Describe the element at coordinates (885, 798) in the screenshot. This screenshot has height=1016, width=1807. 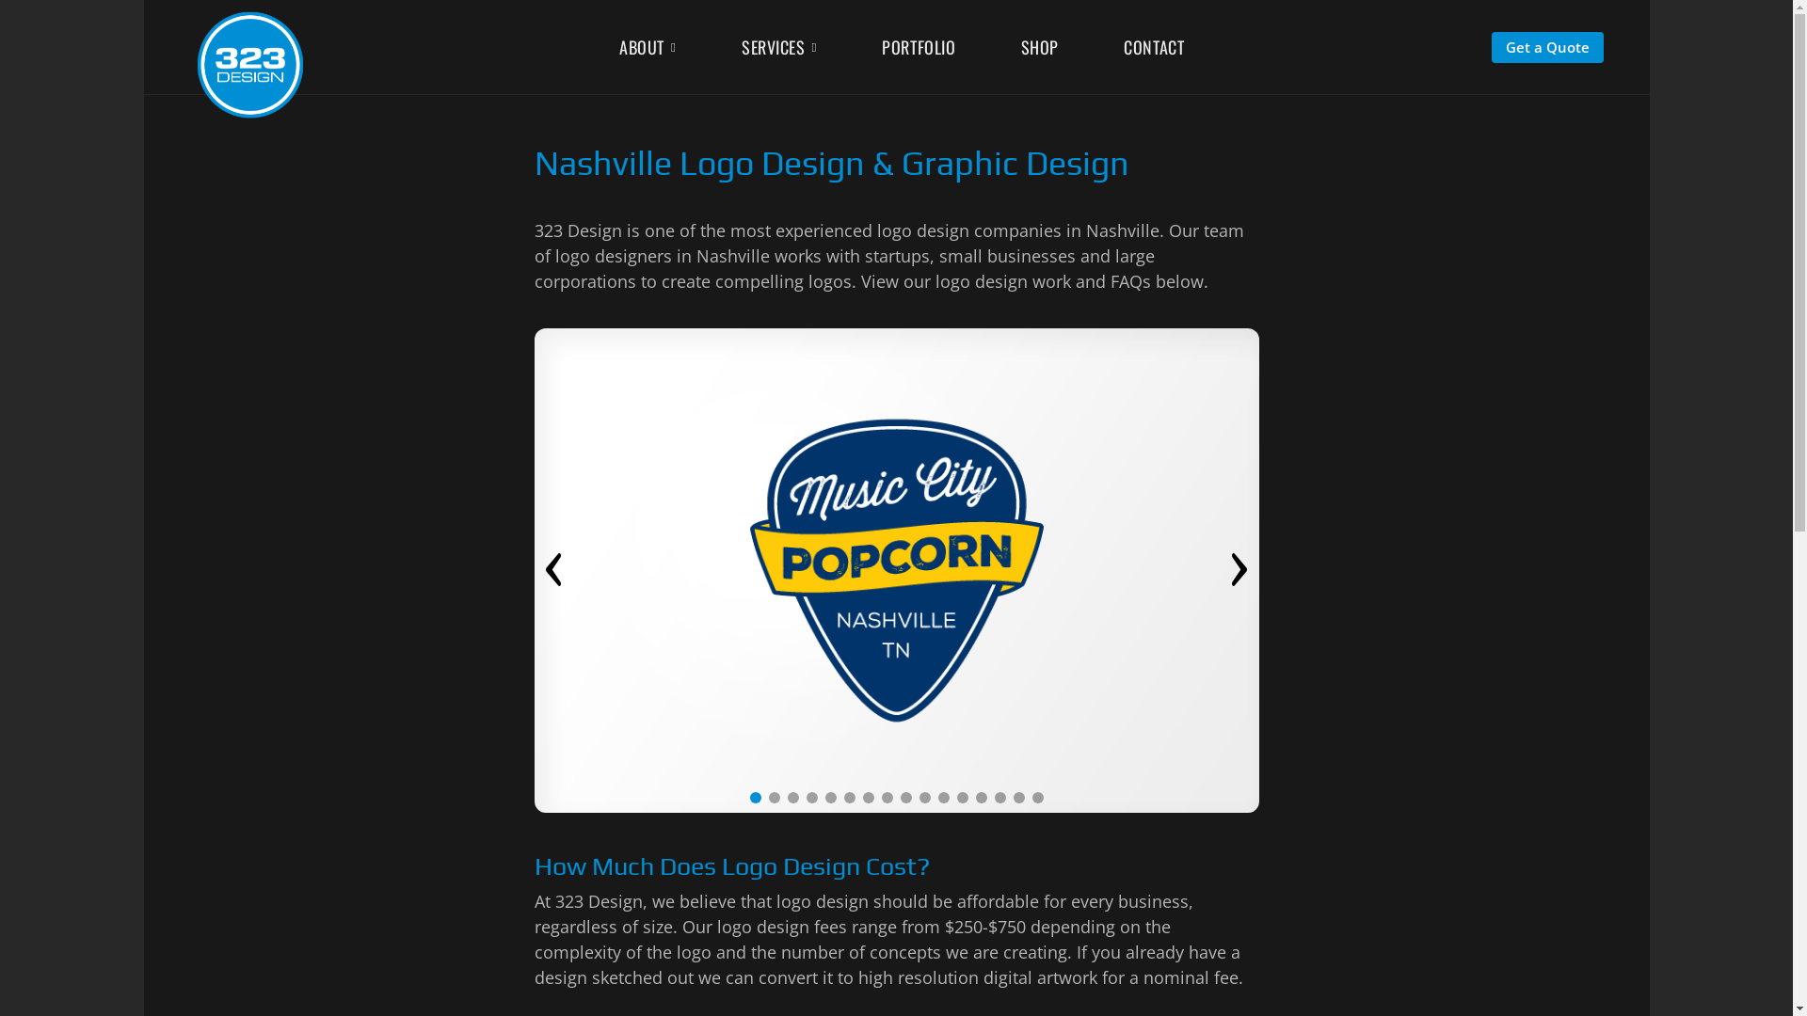
I see `'8'` at that location.